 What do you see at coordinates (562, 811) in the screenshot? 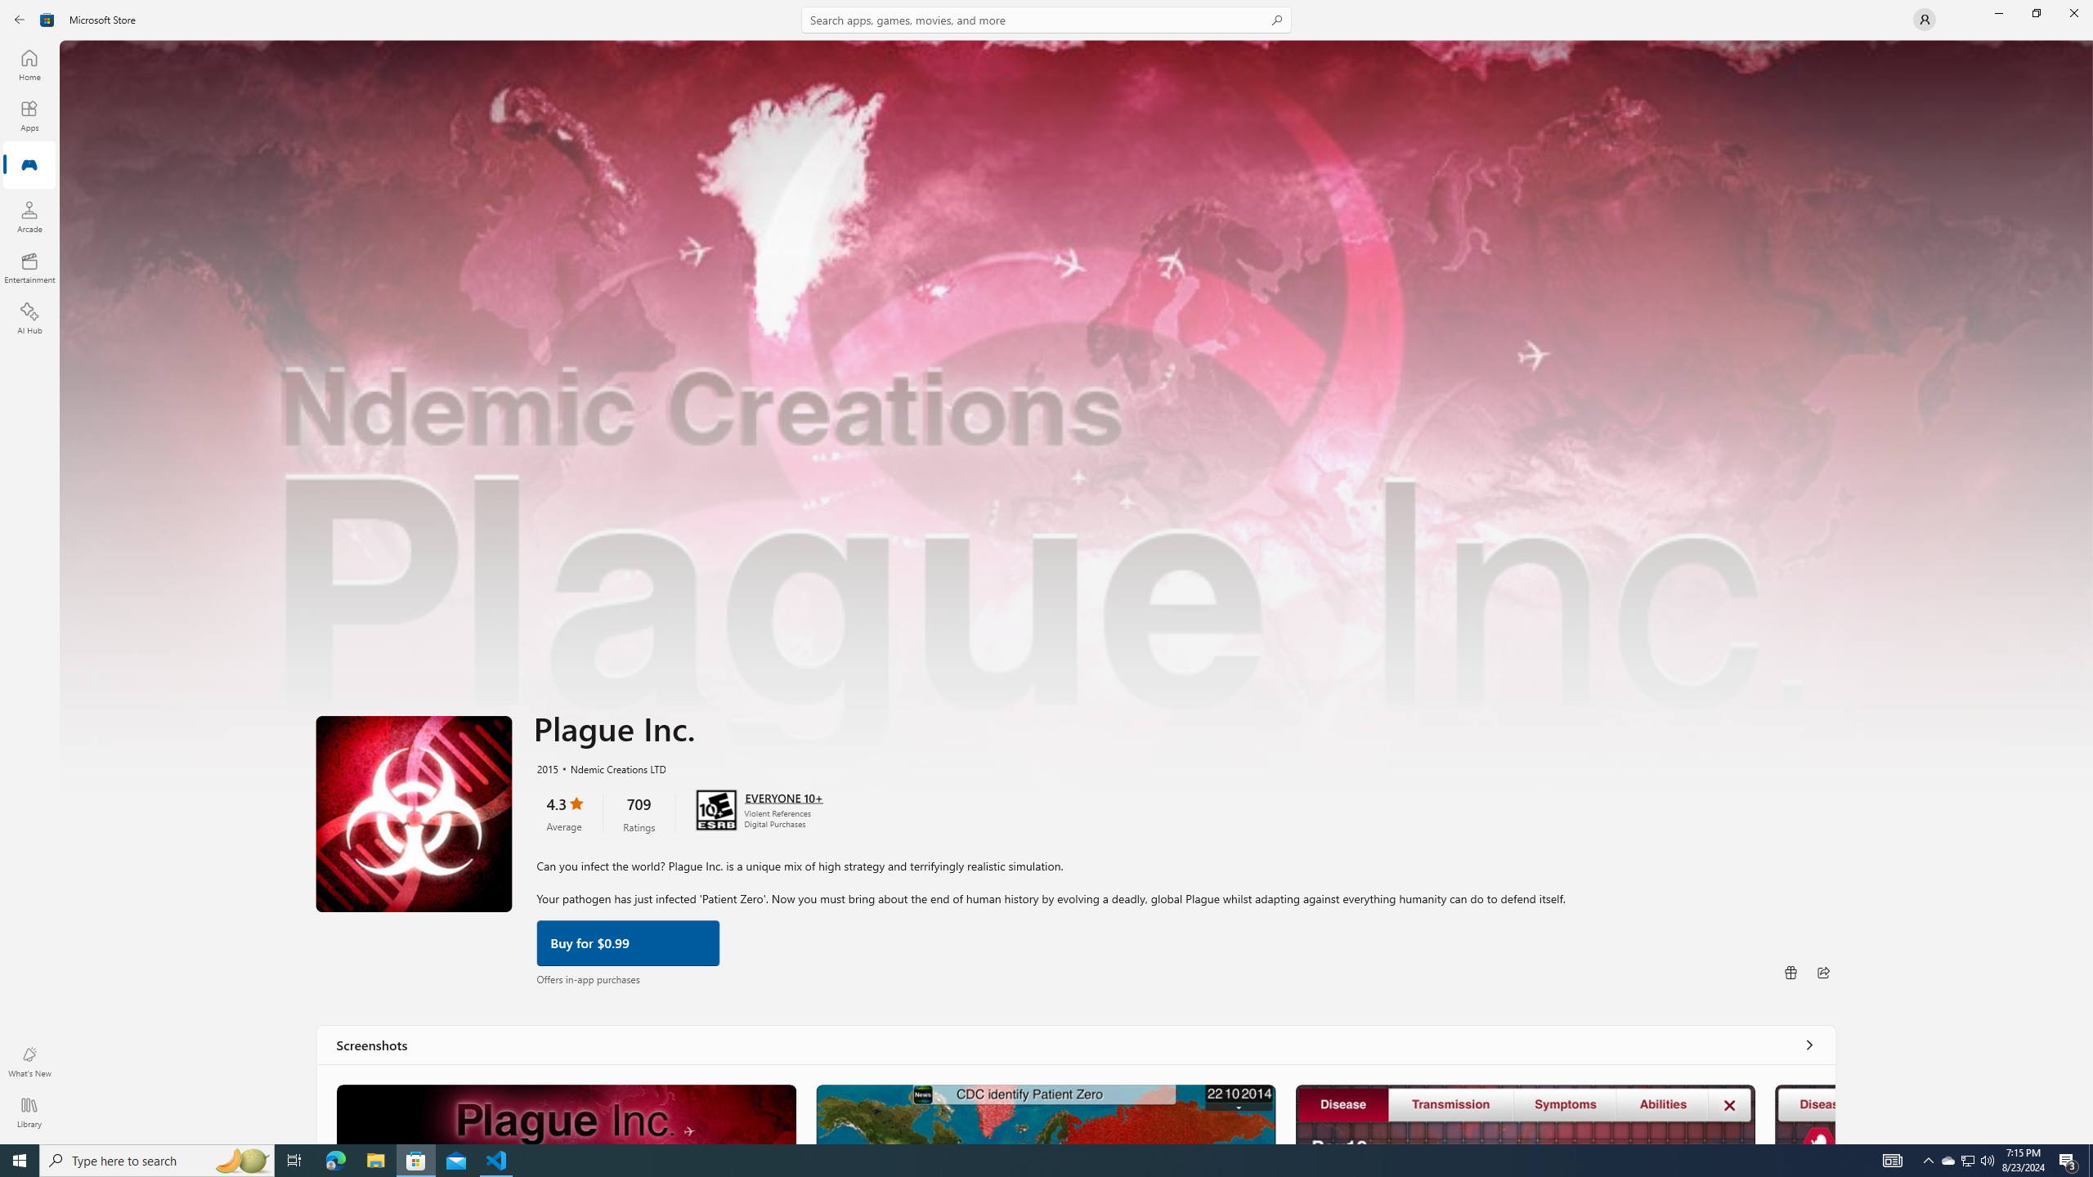
I see `'4.3 stars. Click to skip to ratings and reviews'` at bounding box center [562, 811].